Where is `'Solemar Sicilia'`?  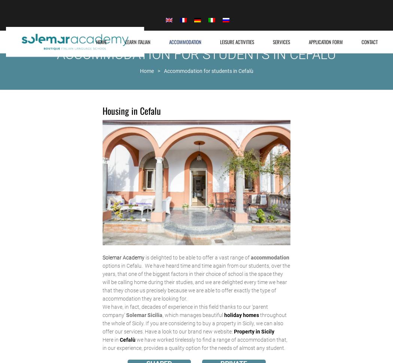
'Solemar Sicilia' is located at coordinates (144, 314).